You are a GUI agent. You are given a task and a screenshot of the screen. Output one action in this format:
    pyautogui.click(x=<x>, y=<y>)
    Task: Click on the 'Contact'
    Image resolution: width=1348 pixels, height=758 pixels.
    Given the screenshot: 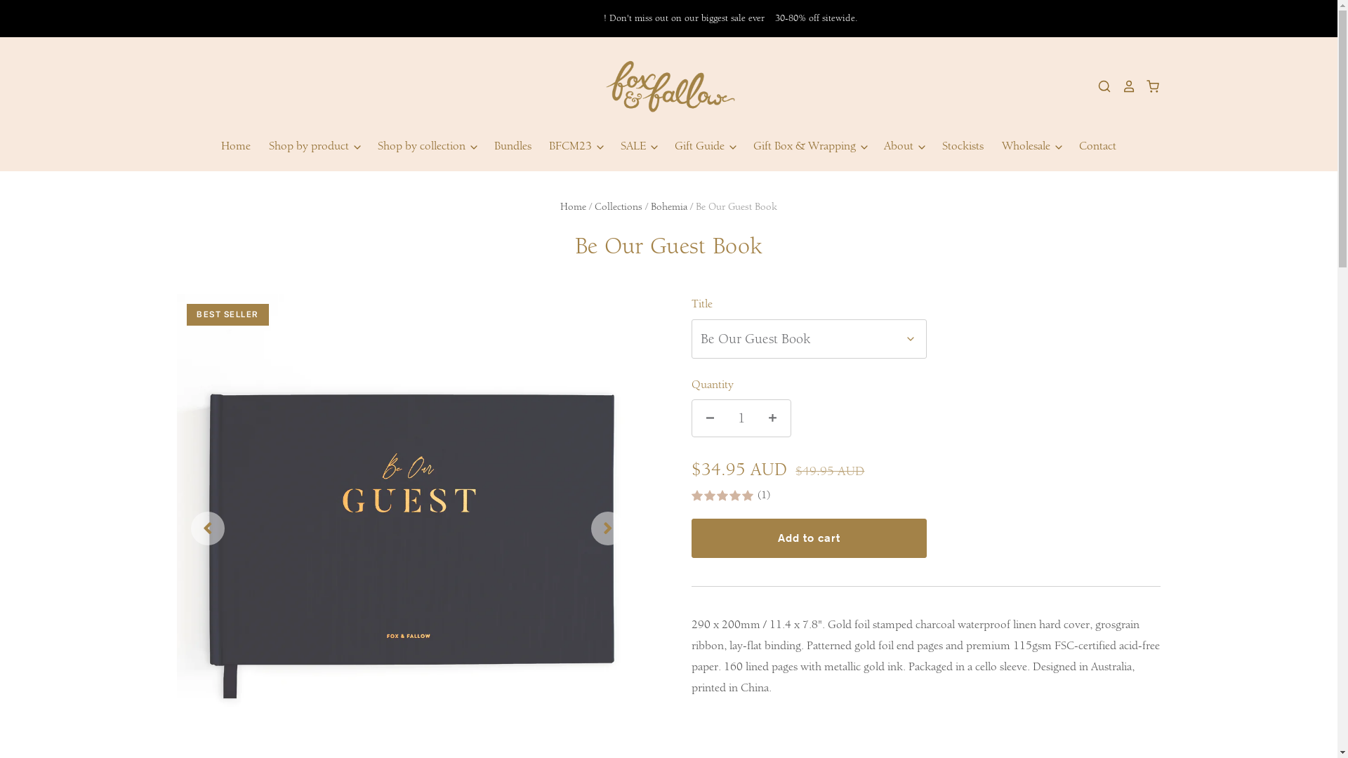 What is the action you would take?
    pyautogui.click(x=1088, y=146)
    